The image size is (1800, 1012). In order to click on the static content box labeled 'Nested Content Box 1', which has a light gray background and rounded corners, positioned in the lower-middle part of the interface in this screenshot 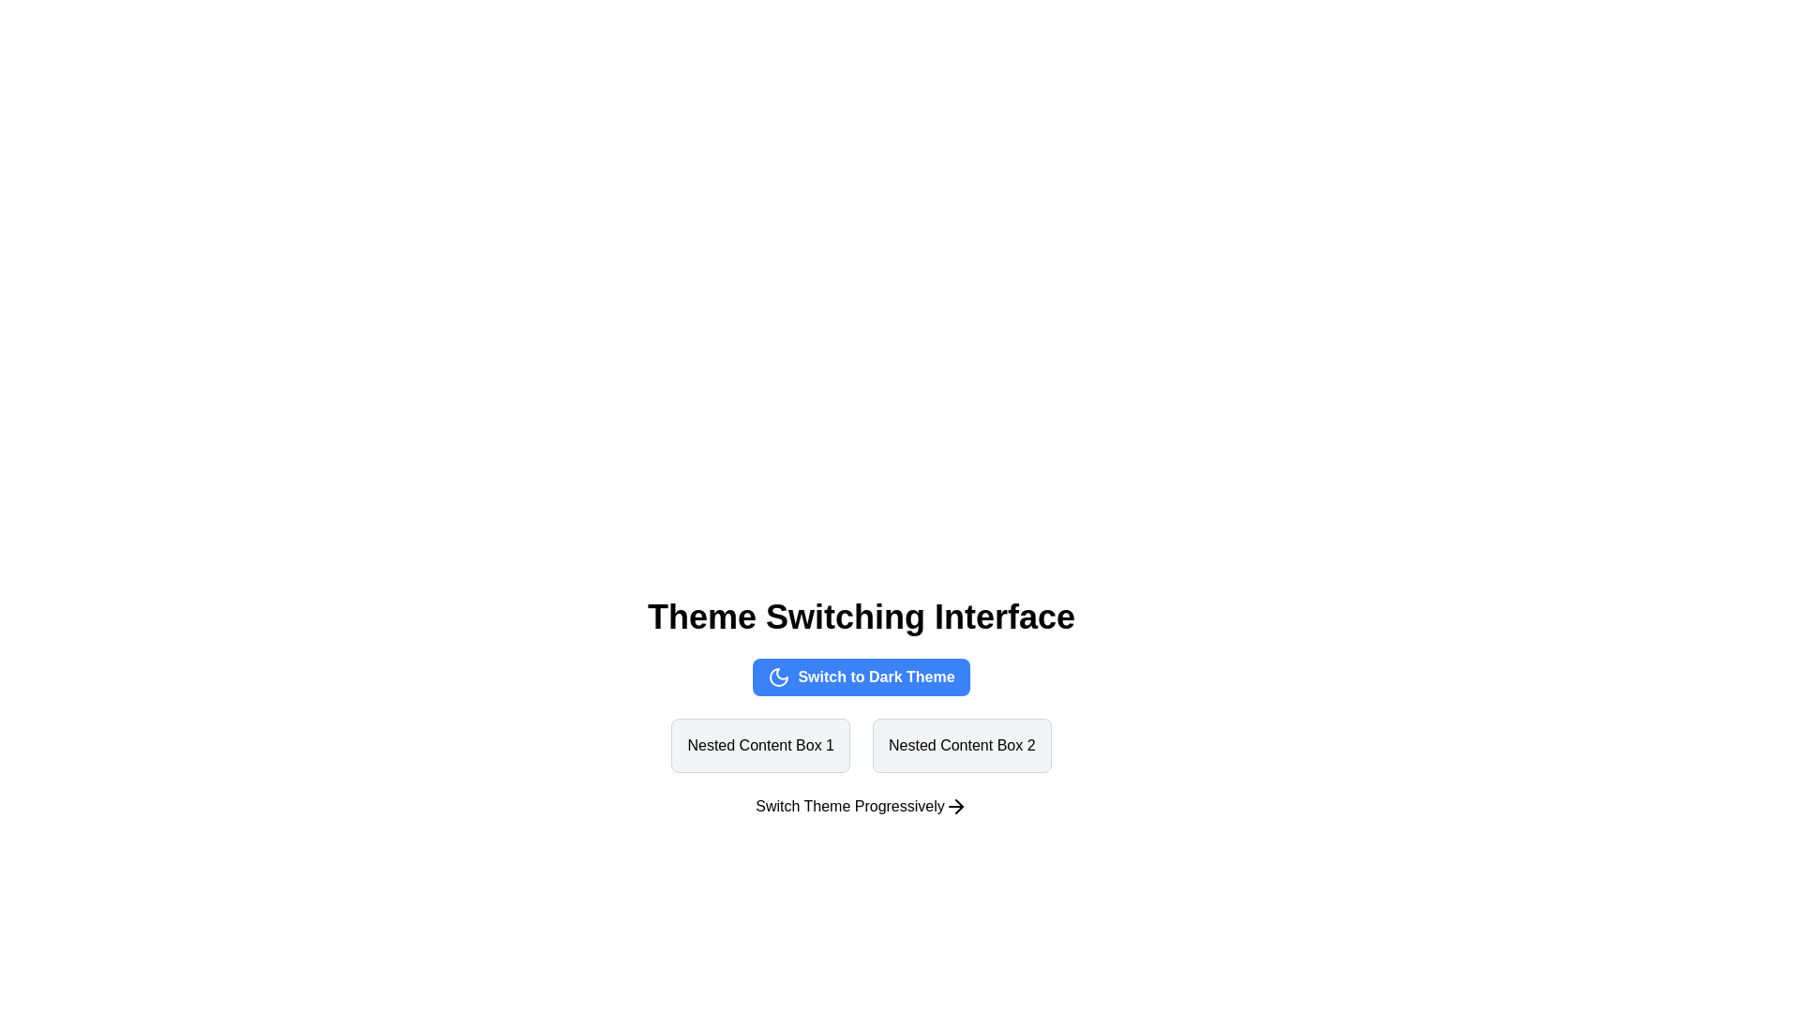, I will do `click(760, 744)`.